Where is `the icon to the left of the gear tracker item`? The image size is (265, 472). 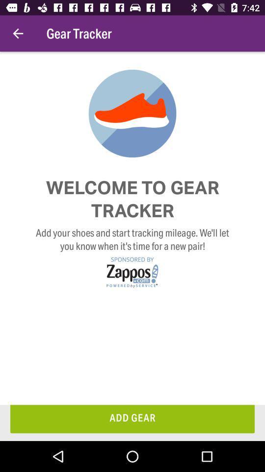
the icon to the left of the gear tracker item is located at coordinates (18, 33).